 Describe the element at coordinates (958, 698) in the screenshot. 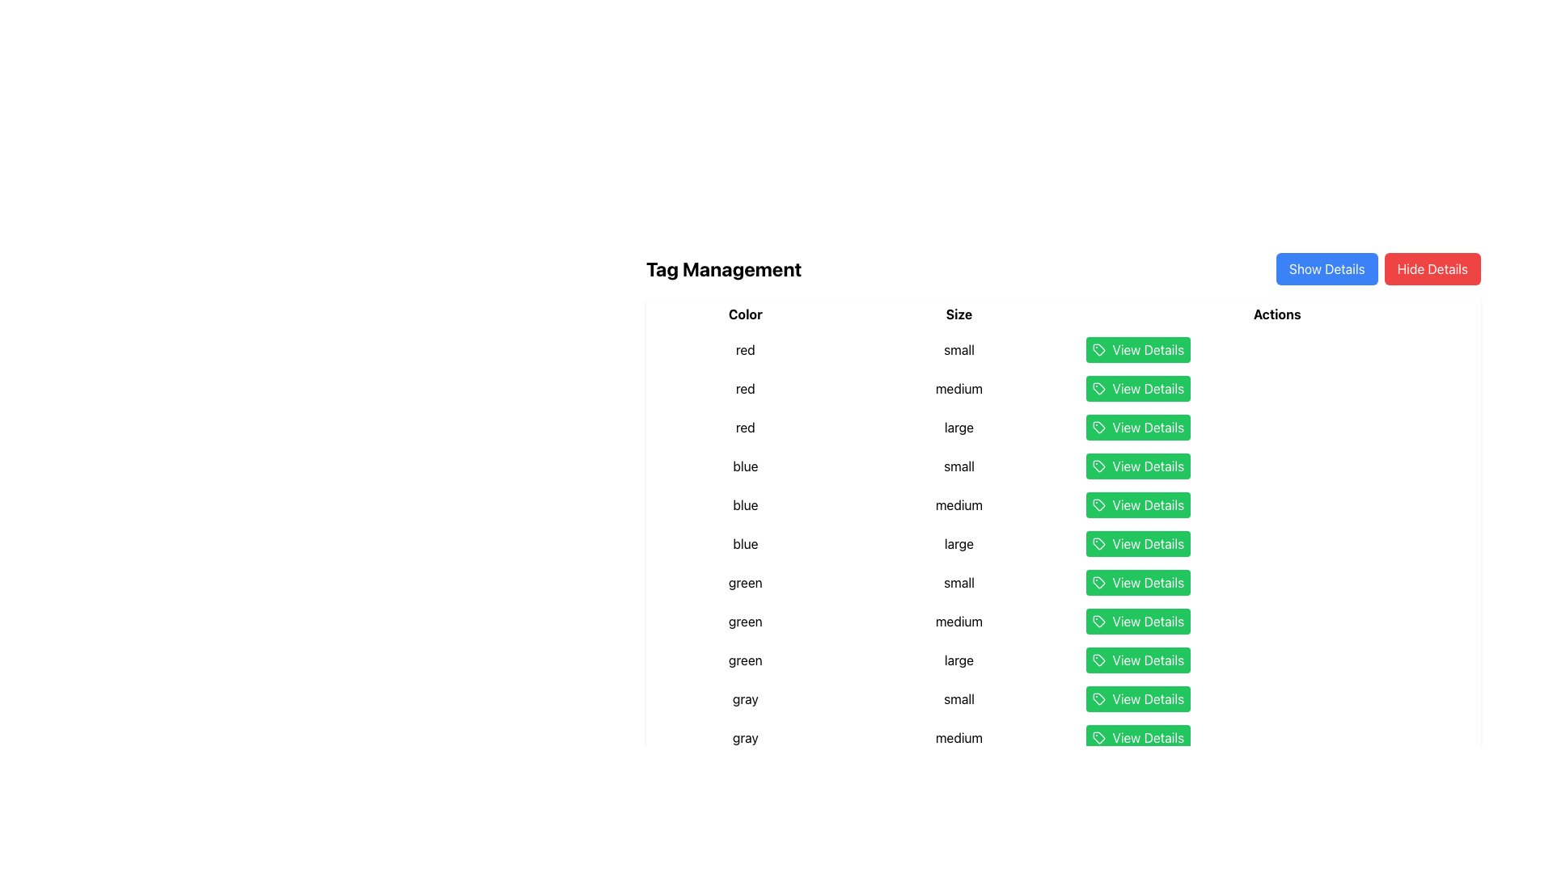

I see `text label displaying 'small' located in the 'Size' column, adjacent to the 'gray' cell, using developer tools` at that location.